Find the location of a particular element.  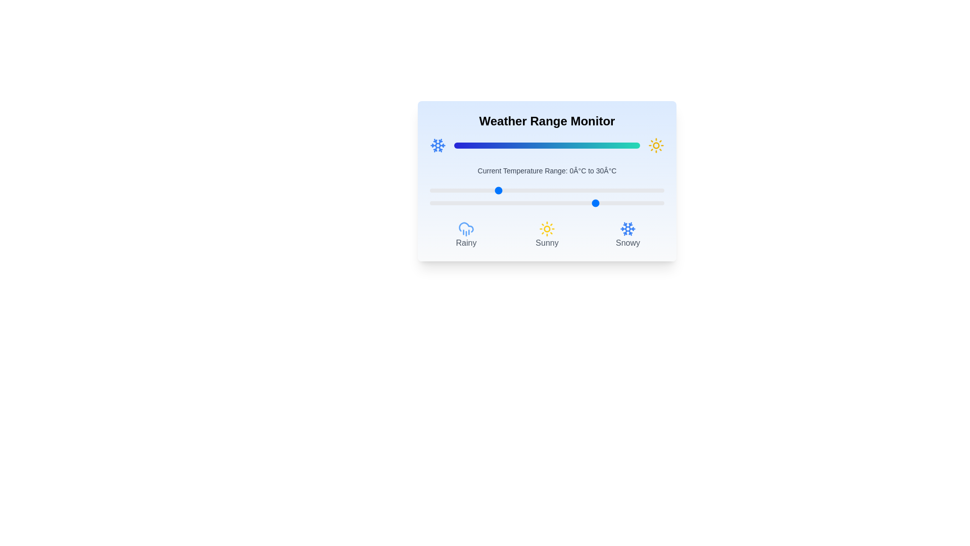

temperature is located at coordinates (594, 203).